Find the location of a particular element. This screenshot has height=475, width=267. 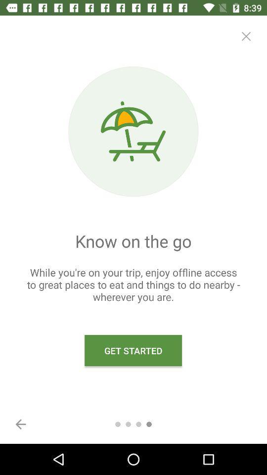

item above the while you re icon is located at coordinates (245, 36).